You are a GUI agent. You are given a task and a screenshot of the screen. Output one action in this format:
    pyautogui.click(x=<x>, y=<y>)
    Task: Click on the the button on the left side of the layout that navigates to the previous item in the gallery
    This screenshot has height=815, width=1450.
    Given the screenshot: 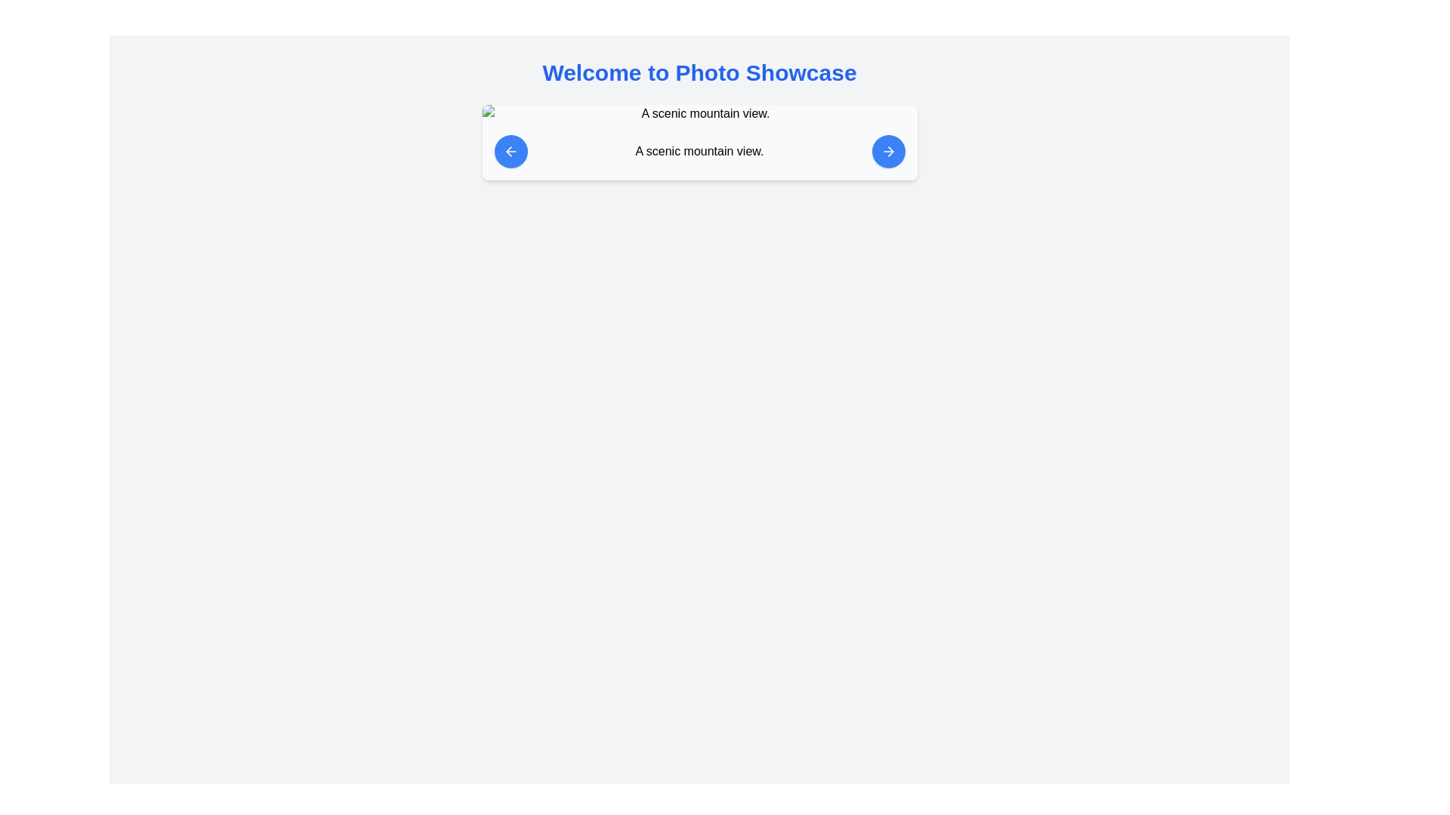 What is the action you would take?
    pyautogui.click(x=511, y=151)
    